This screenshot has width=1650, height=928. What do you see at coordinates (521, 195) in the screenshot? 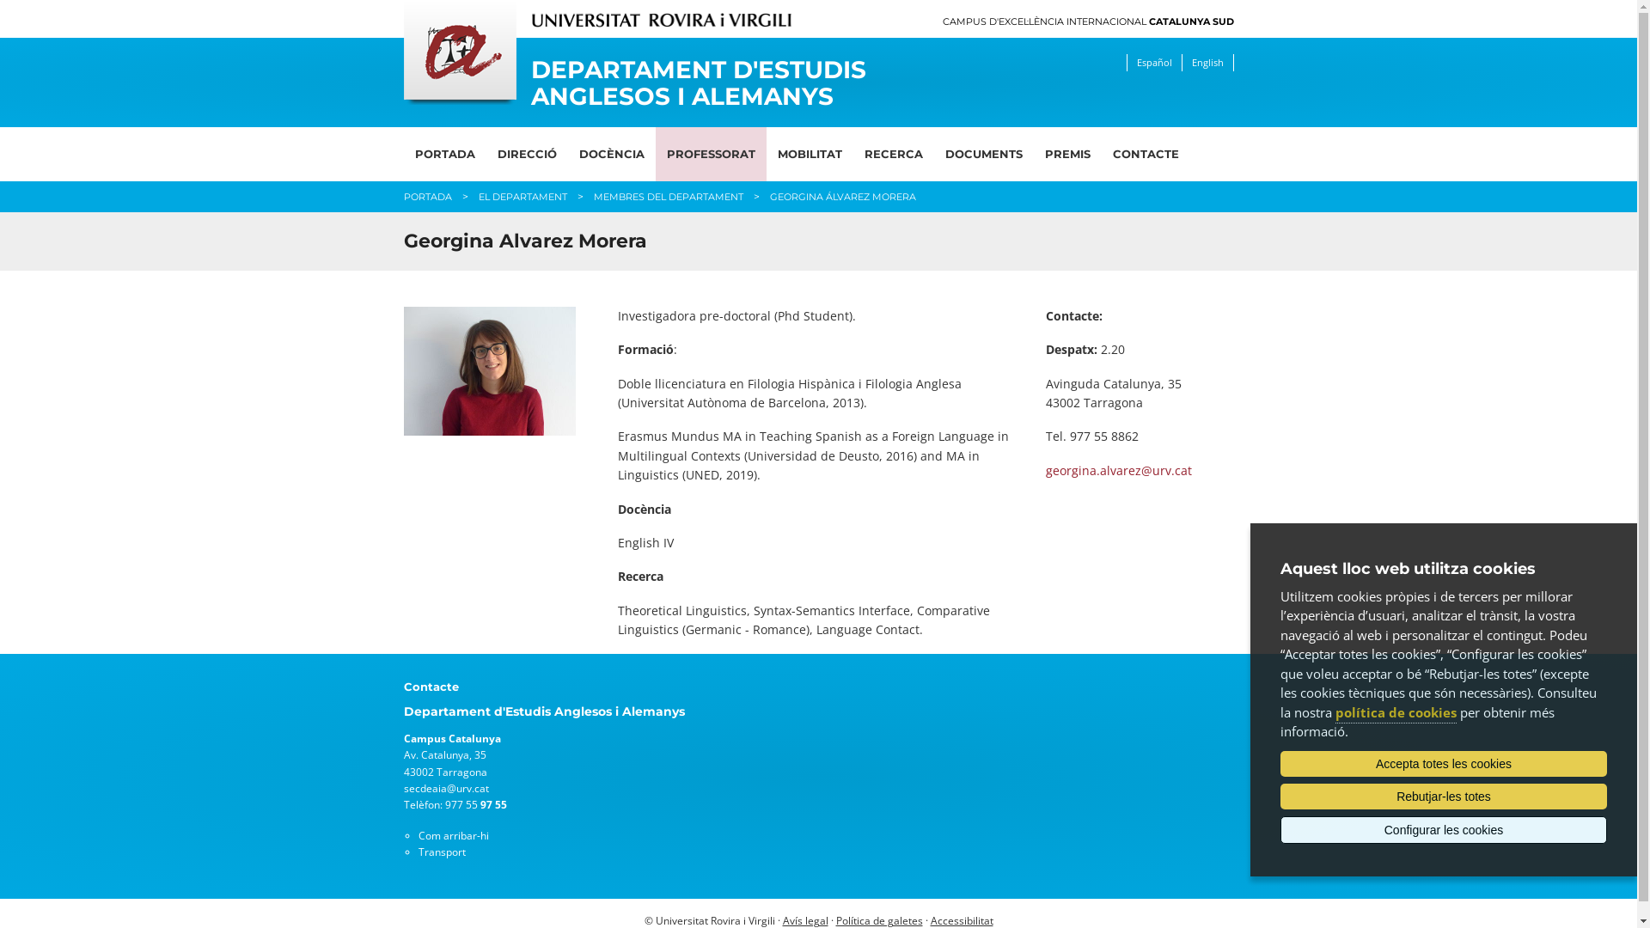
I see `'EL DEPARTAMENT'` at bounding box center [521, 195].